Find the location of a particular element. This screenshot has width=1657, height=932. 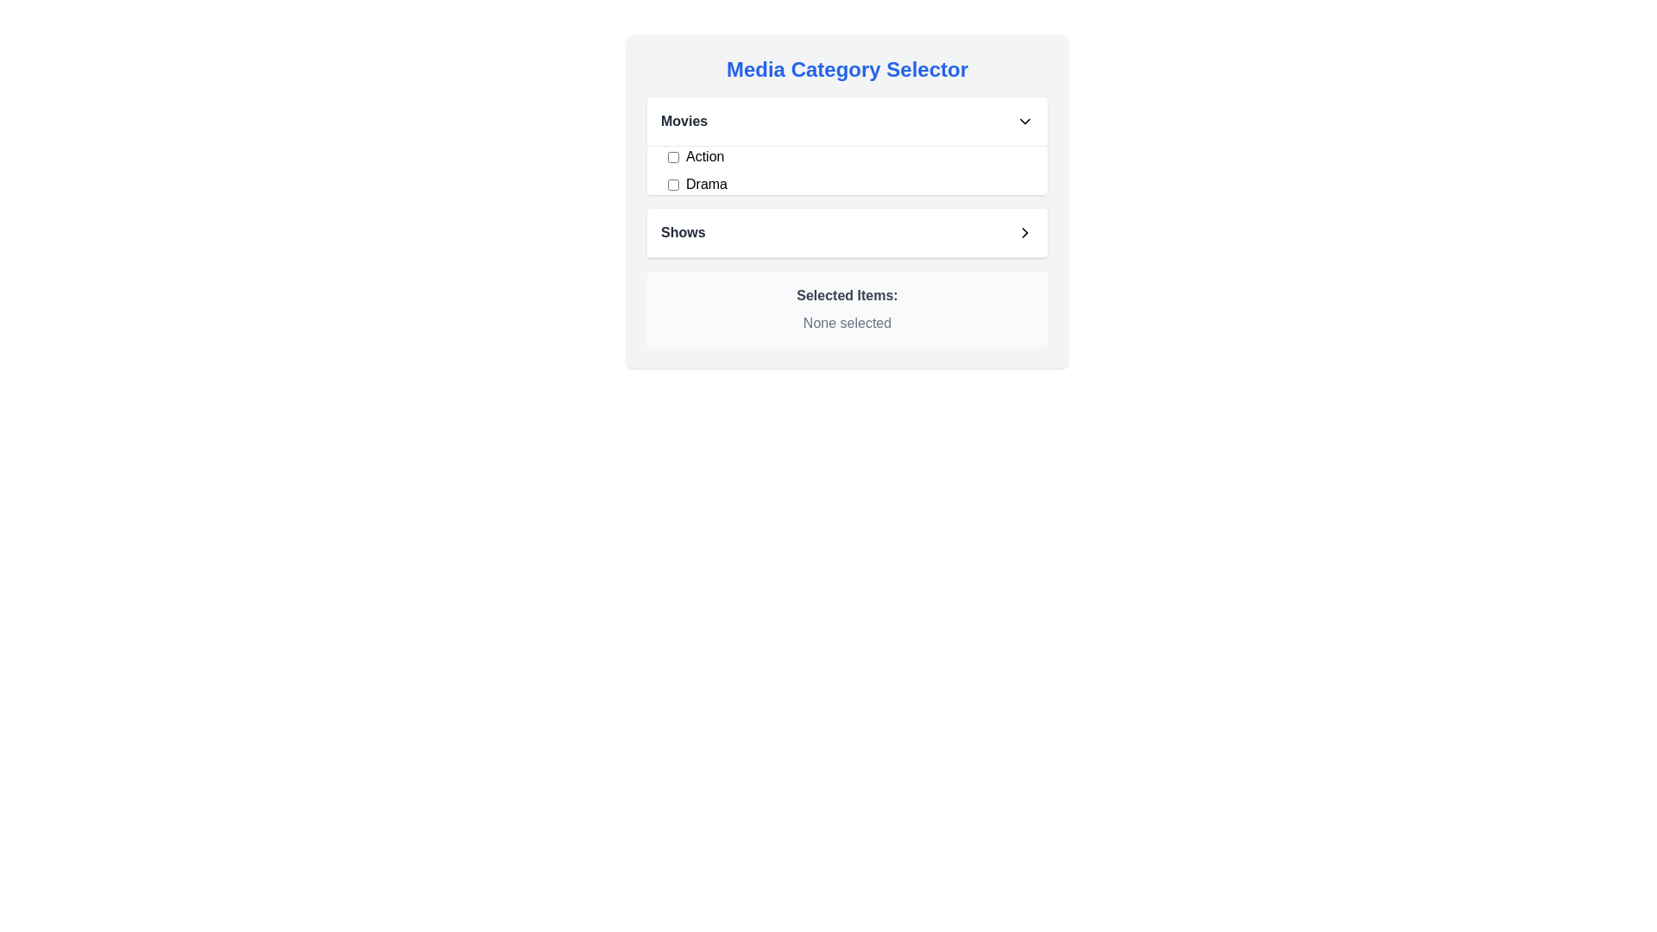

the chevron-down icon (Dropdown indicator) located on the right side of the 'Movies' label in the horizontal bar is located at coordinates (1025, 121).